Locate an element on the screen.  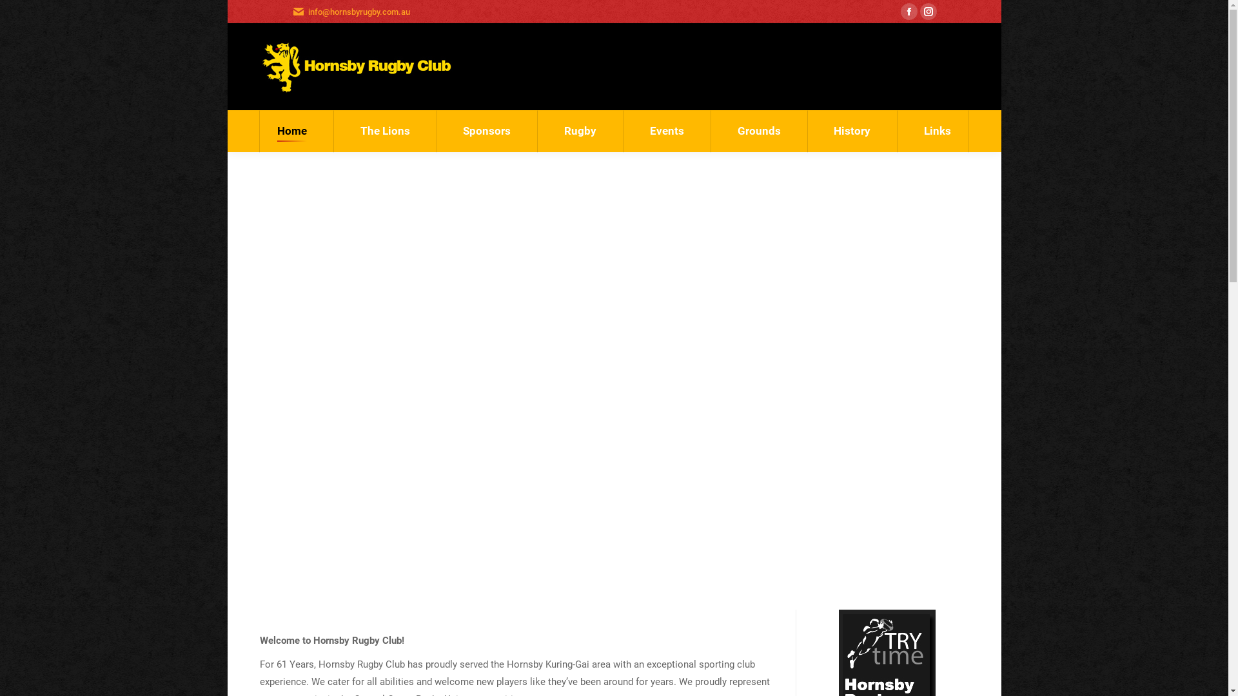
'Links' is located at coordinates (938, 131).